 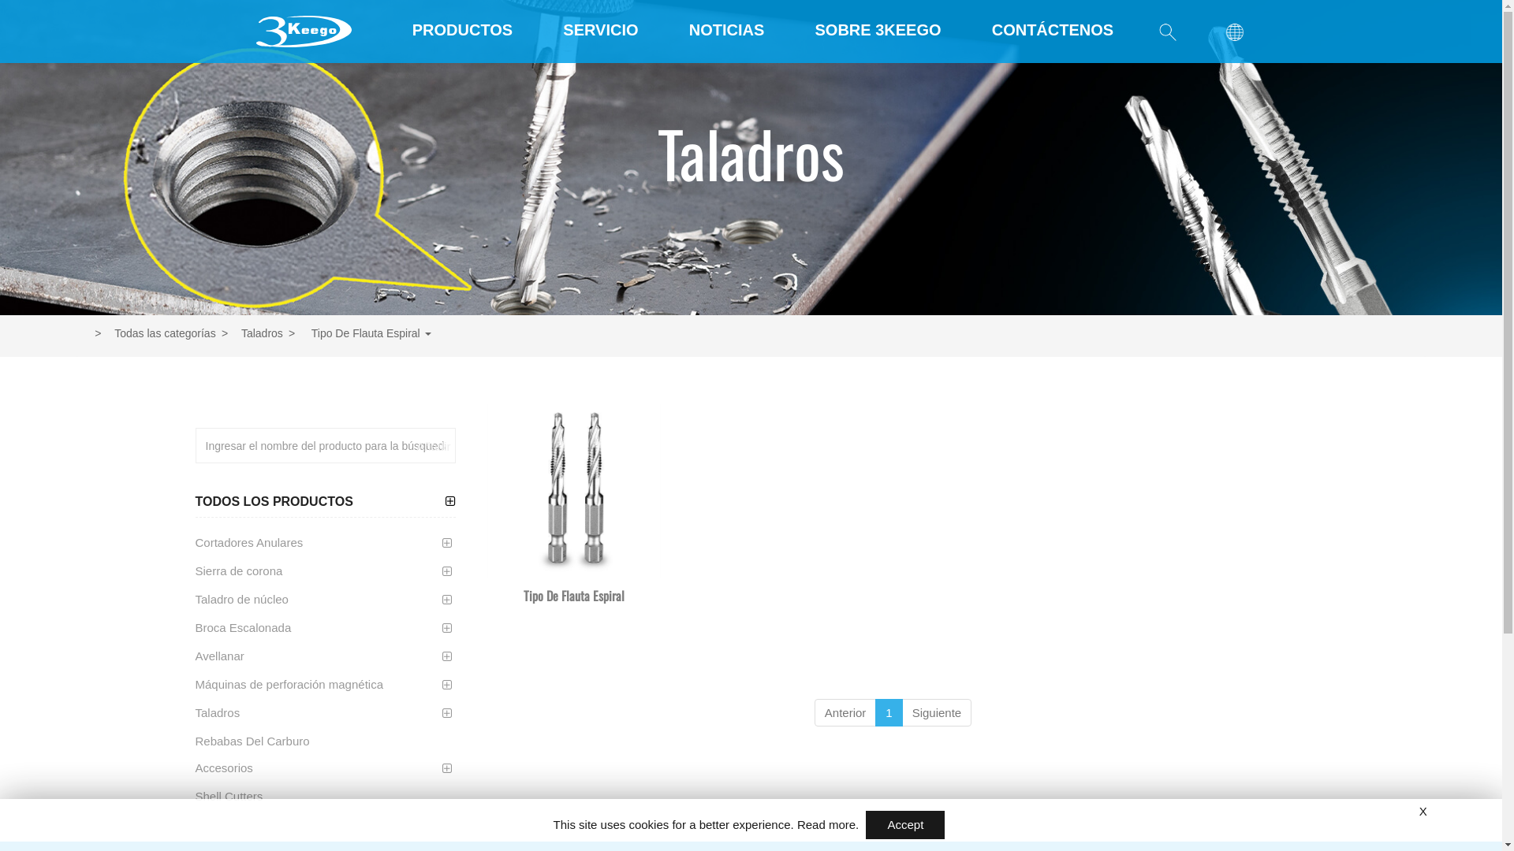 I want to click on 'SHAJENG HARDWARE CO., LTD', so click(x=303, y=31).